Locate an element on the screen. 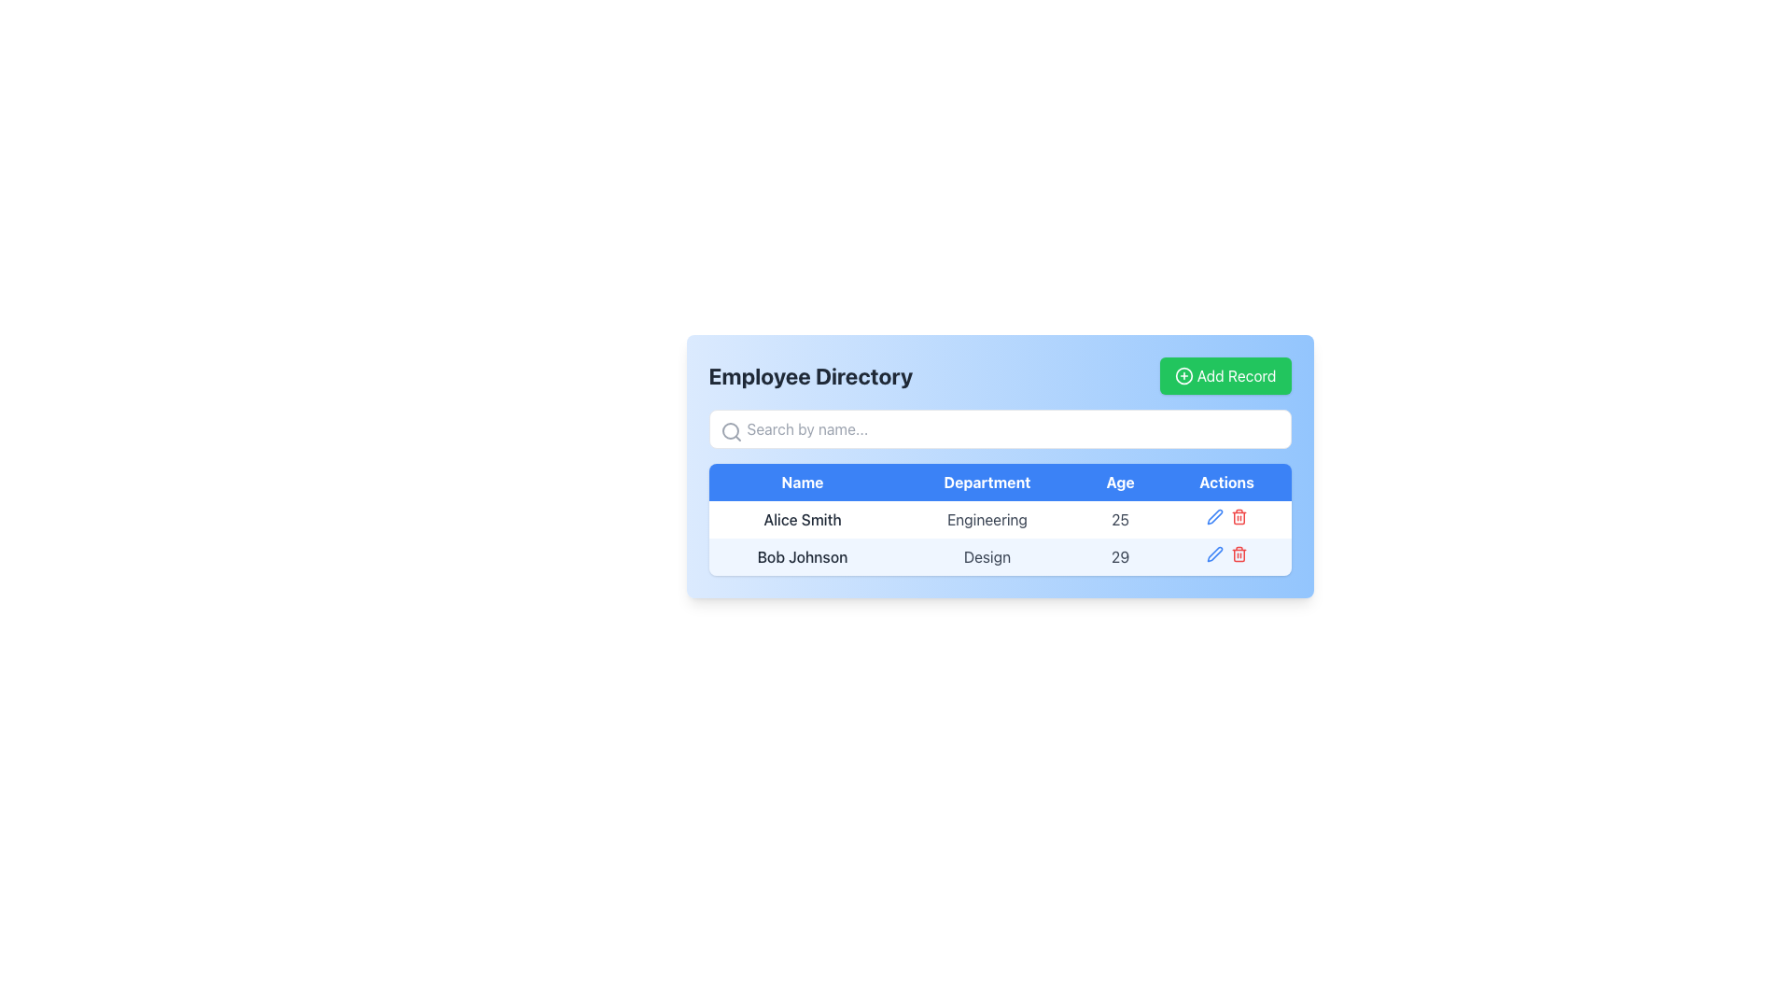 The height and width of the screenshot is (1008, 1792). the text label displaying 'Alice Smith', which is the first entry in the 'Name' column of the employee directory table is located at coordinates (802, 519).